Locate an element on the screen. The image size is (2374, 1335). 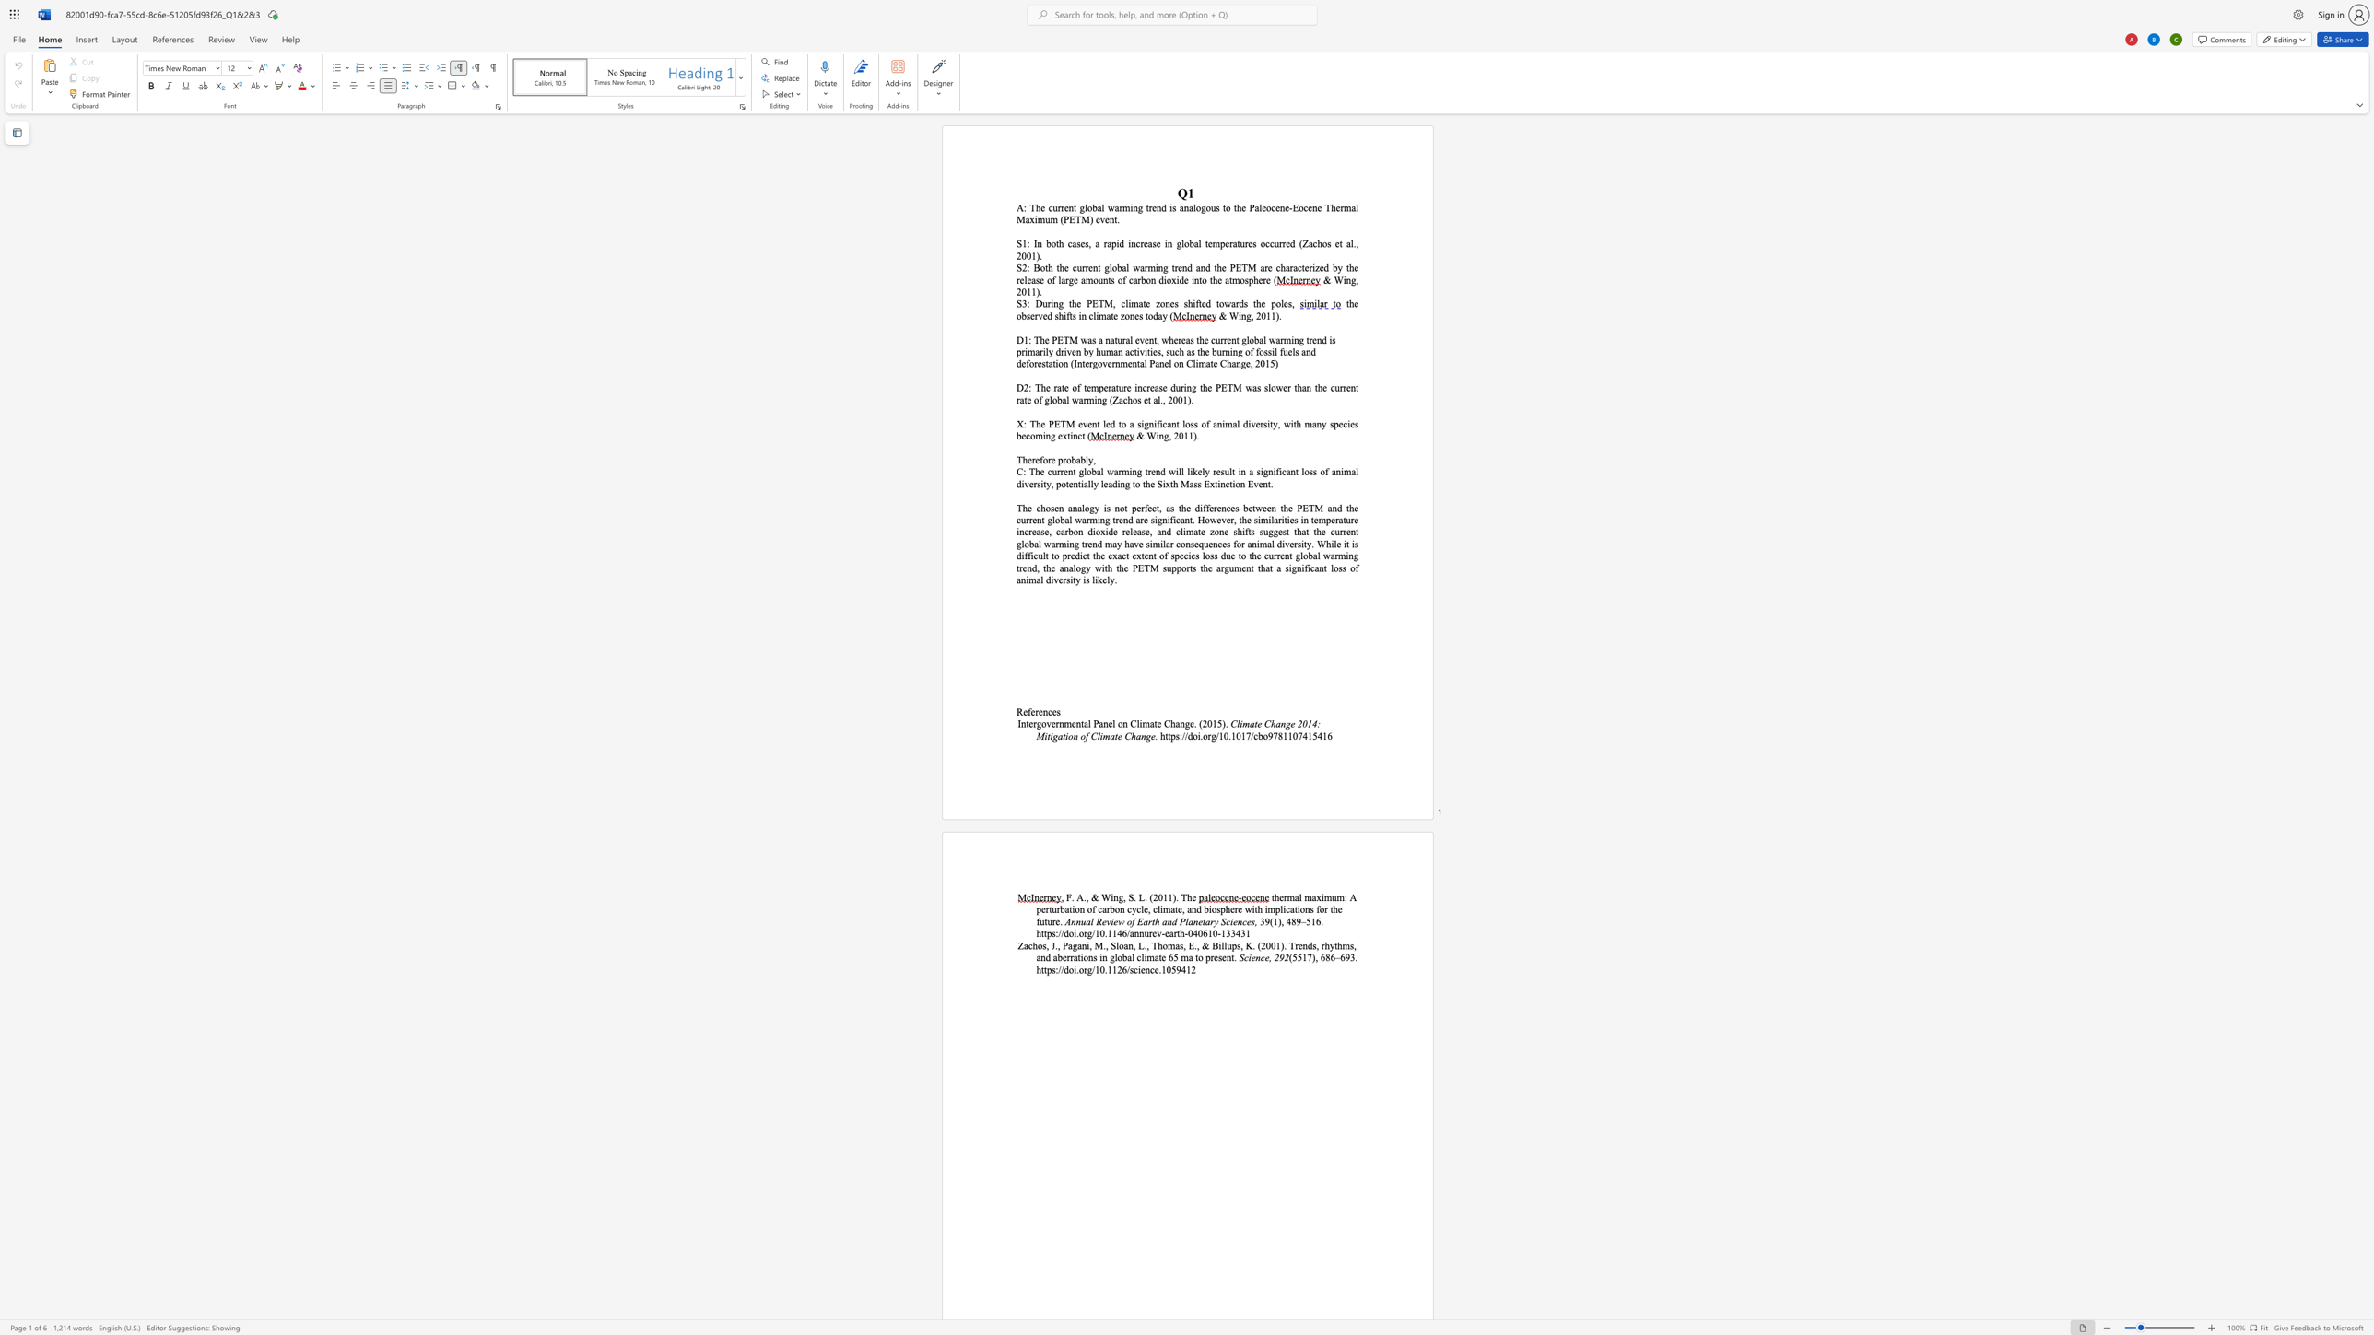
the space between the continuous character "z" and "o" in the text is located at coordinates (1158, 302).